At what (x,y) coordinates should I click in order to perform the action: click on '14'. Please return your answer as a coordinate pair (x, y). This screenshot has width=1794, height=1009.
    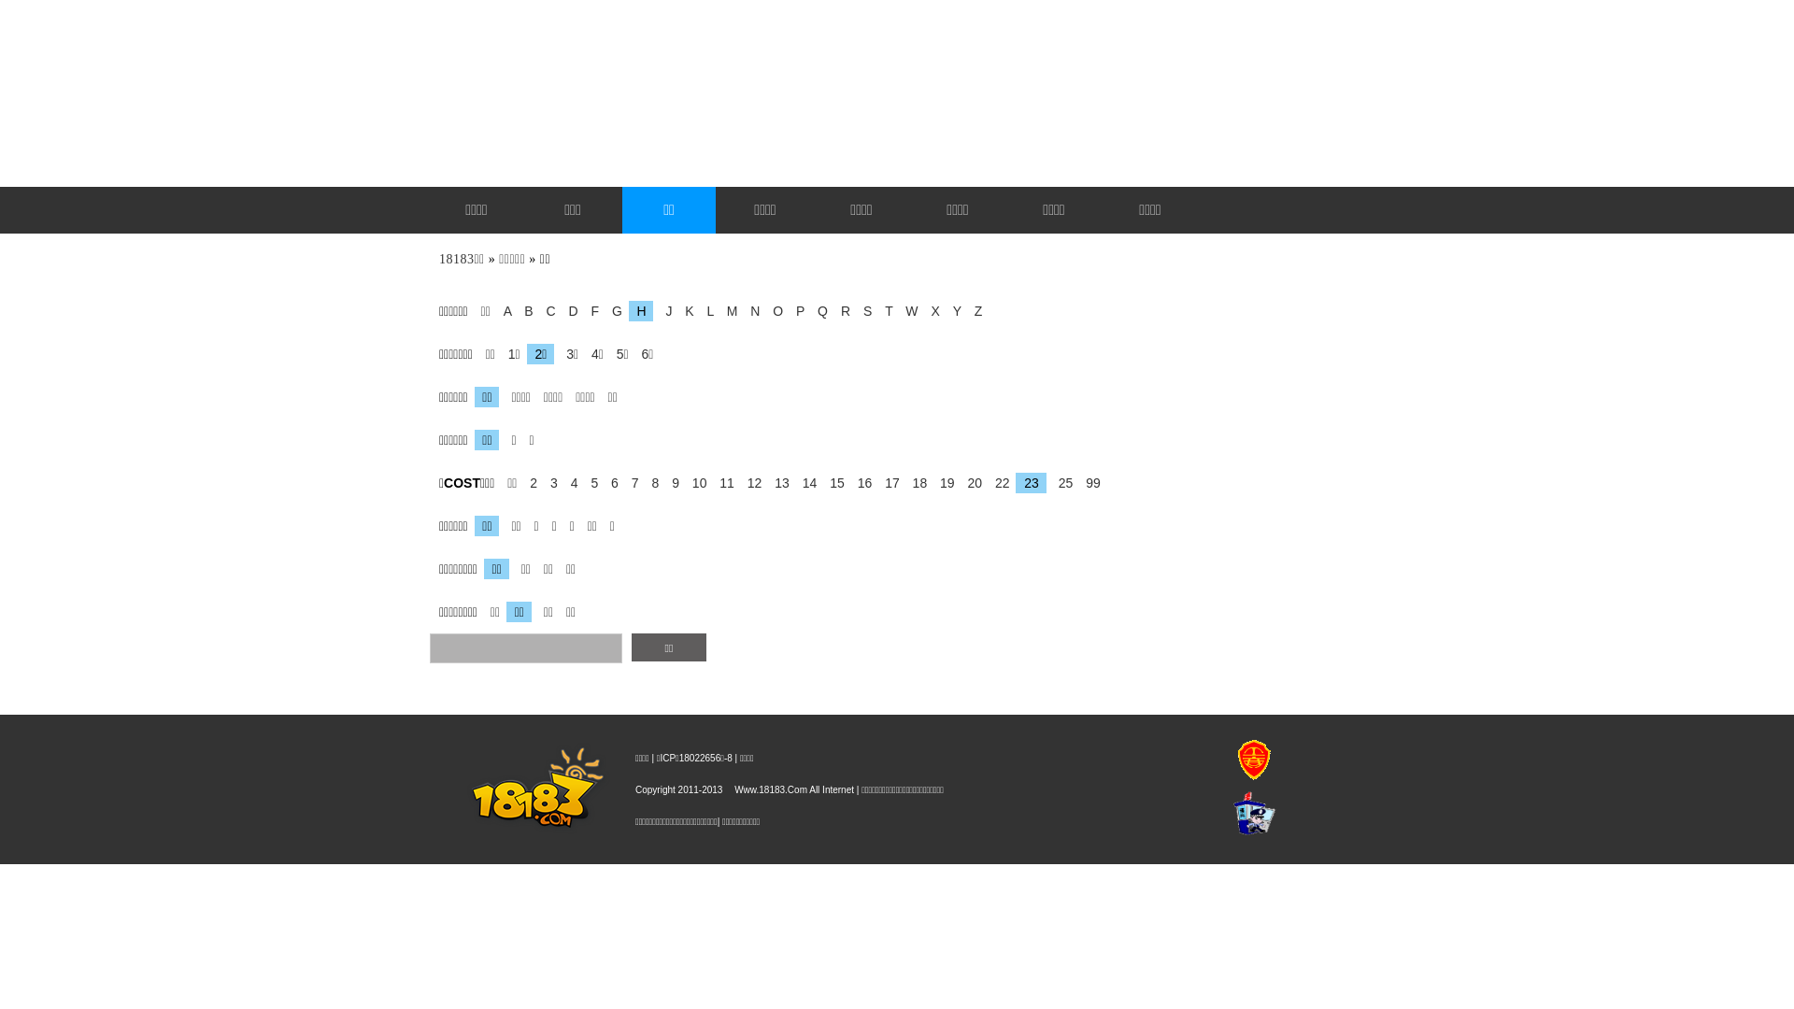
    Looking at the image, I should click on (805, 481).